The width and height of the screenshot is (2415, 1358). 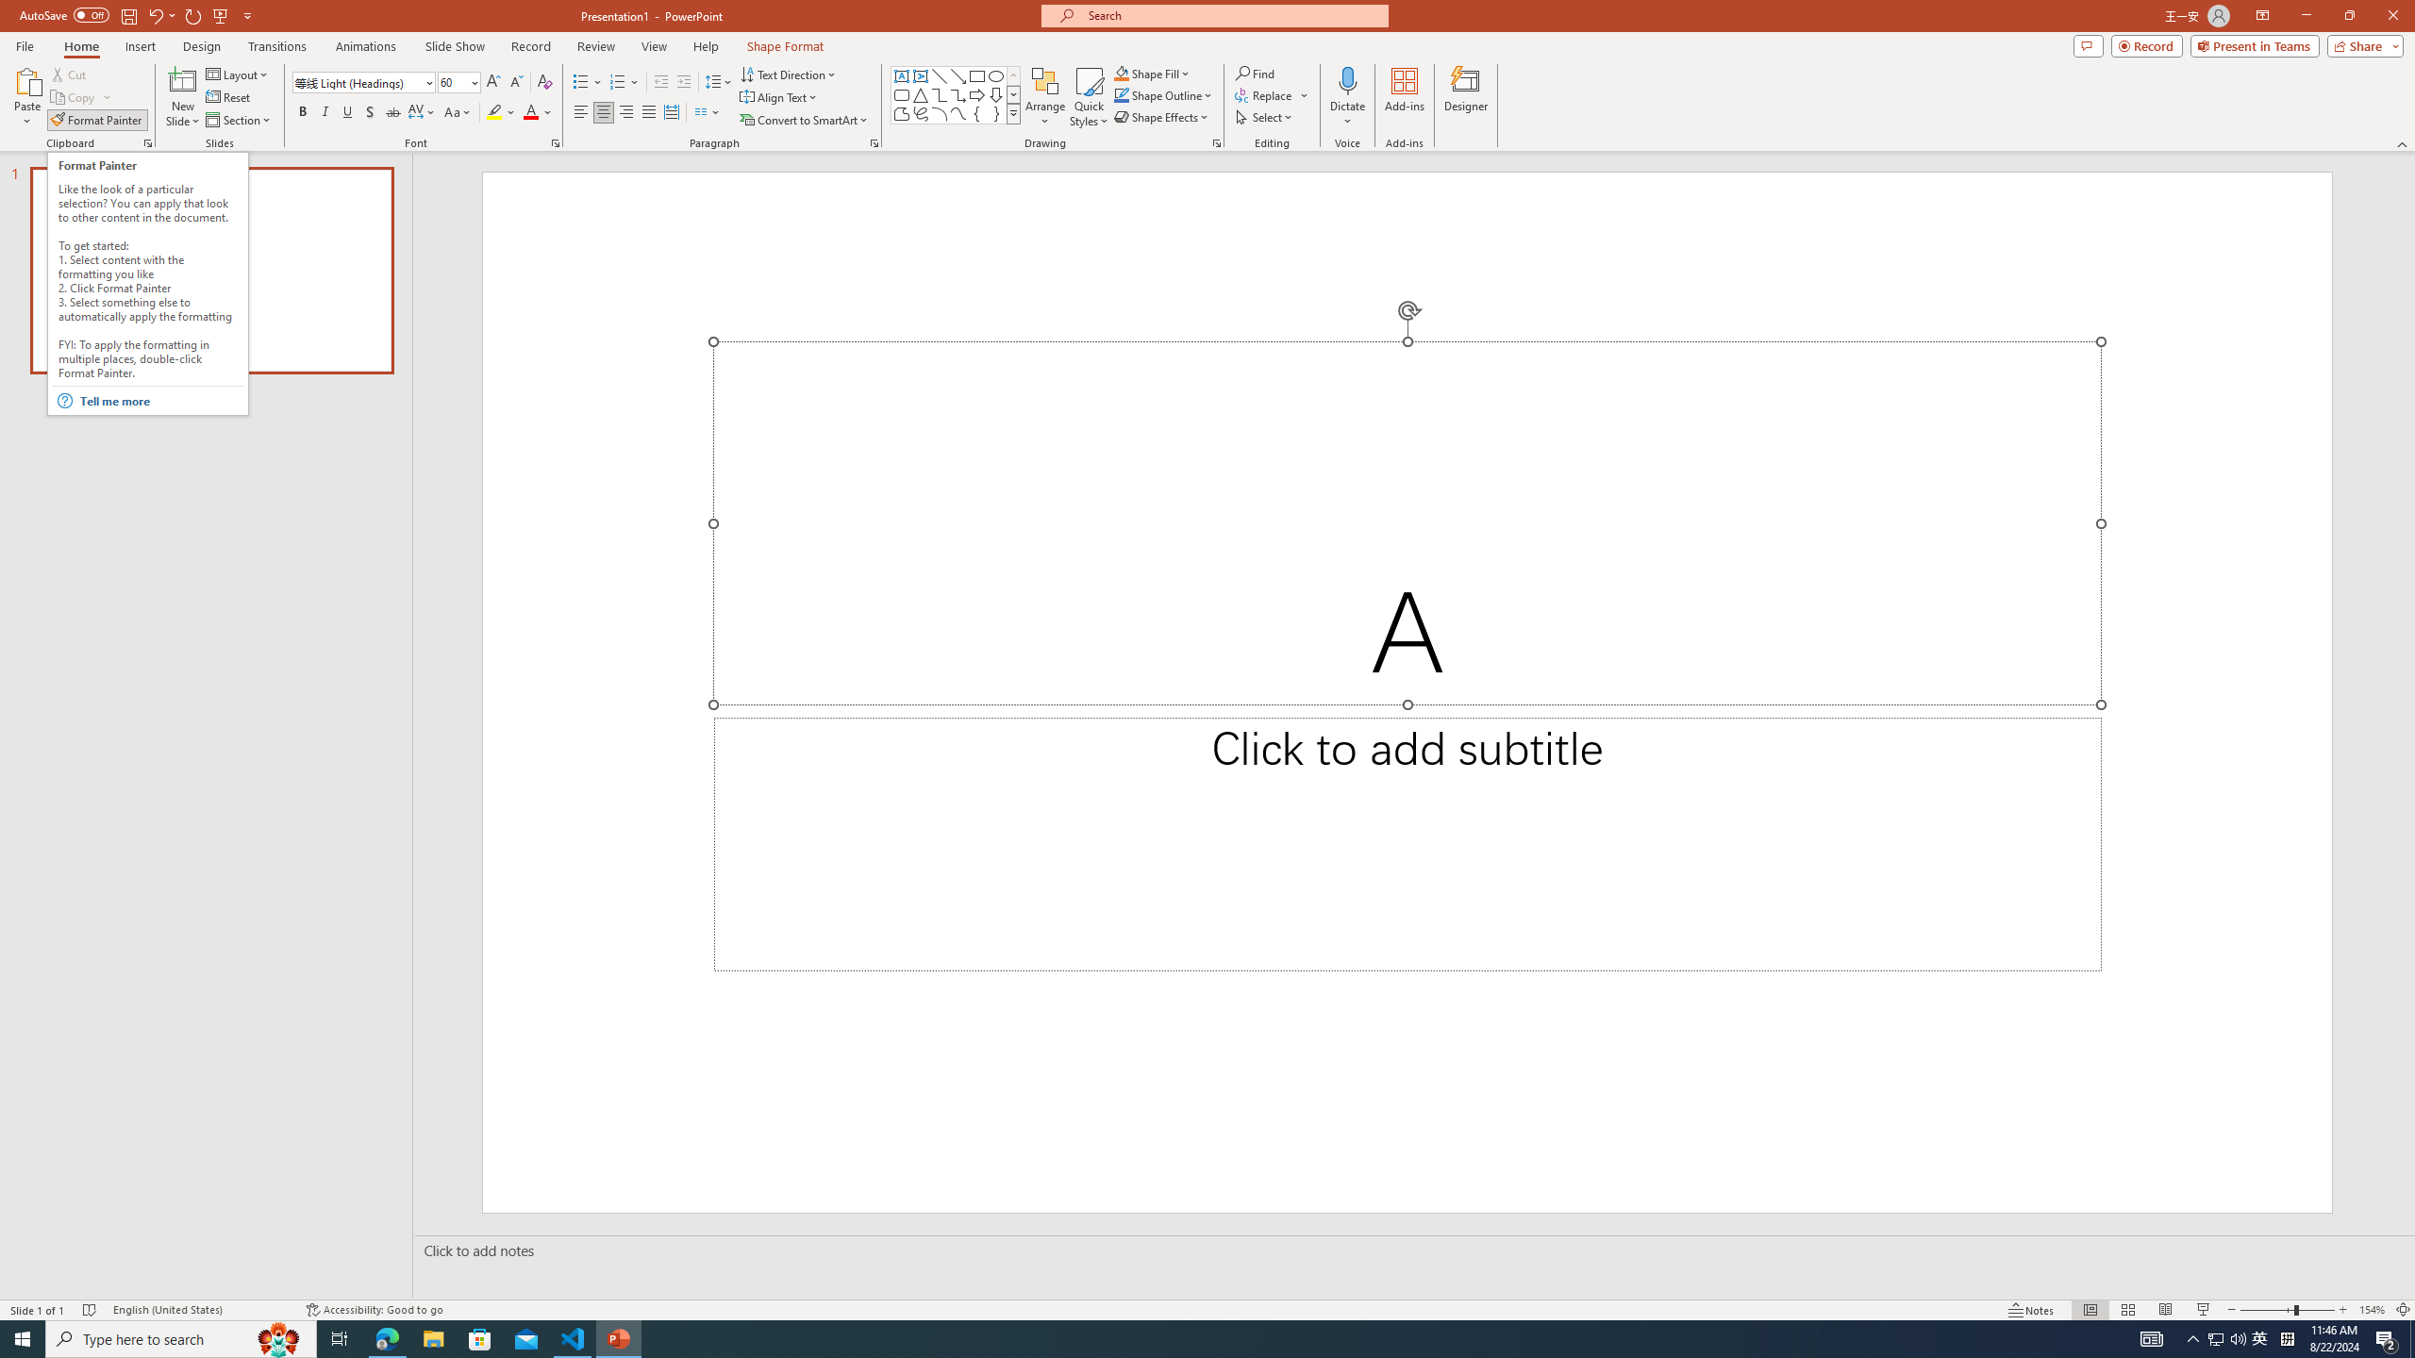 What do you see at coordinates (423, 111) in the screenshot?
I see `'Character Spacing'` at bounding box center [423, 111].